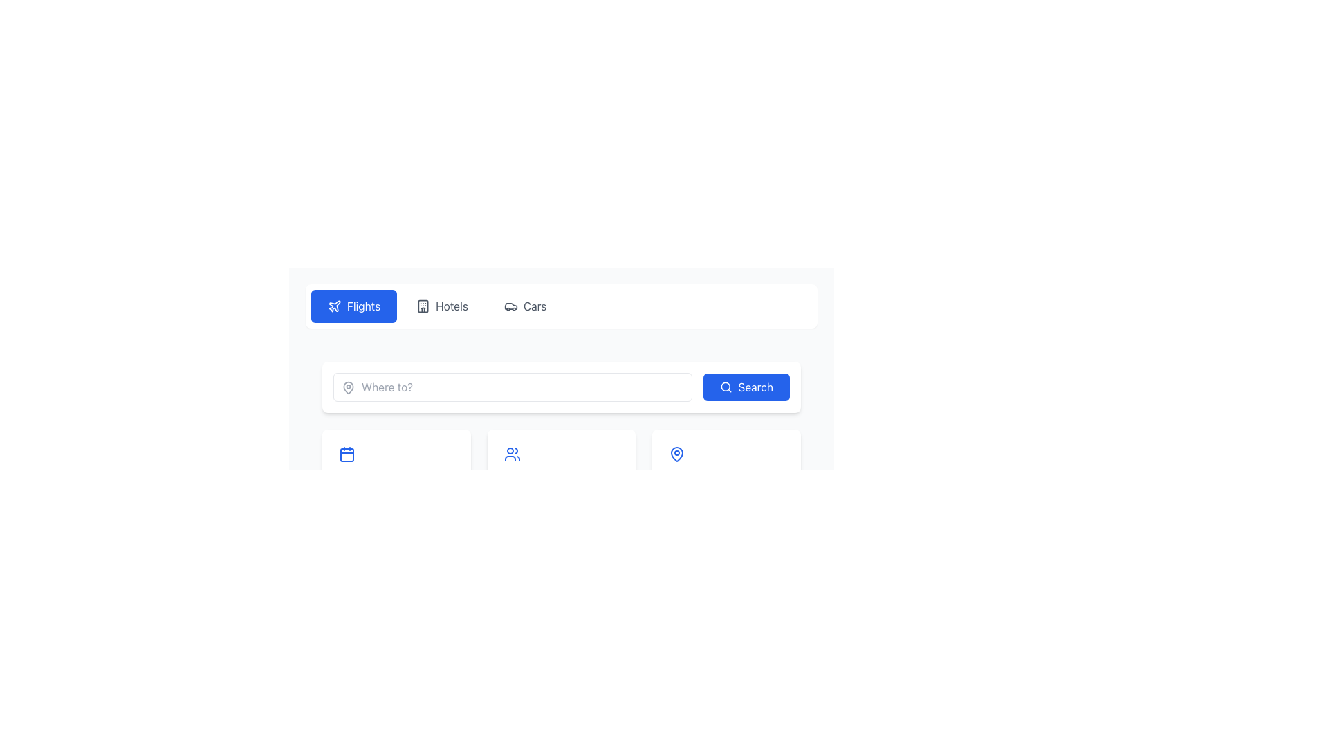 The width and height of the screenshot is (1328, 747). What do you see at coordinates (511, 454) in the screenshot?
I see `the group booking icon located at the top-left of the 'Group Booking' card, which indicates special rates for 9+ travelers` at bounding box center [511, 454].